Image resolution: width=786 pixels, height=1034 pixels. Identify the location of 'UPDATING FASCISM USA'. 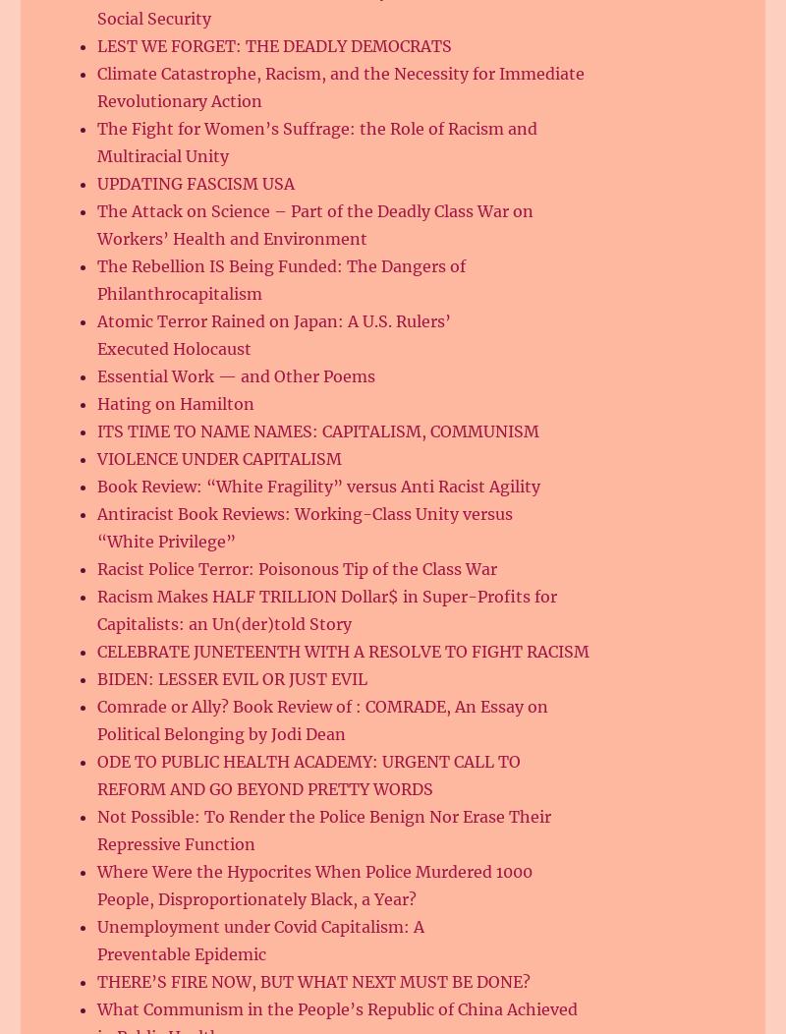
(195, 184).